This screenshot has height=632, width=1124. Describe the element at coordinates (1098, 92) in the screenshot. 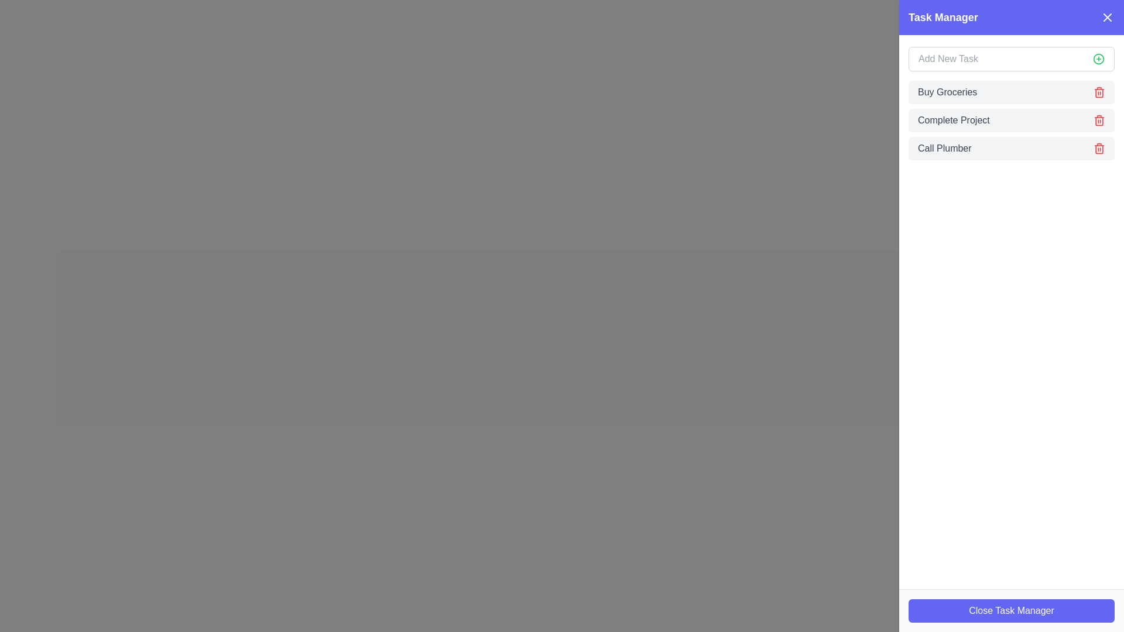

I see `the delete button icon for the task 'Buy Groceries'` at that location.